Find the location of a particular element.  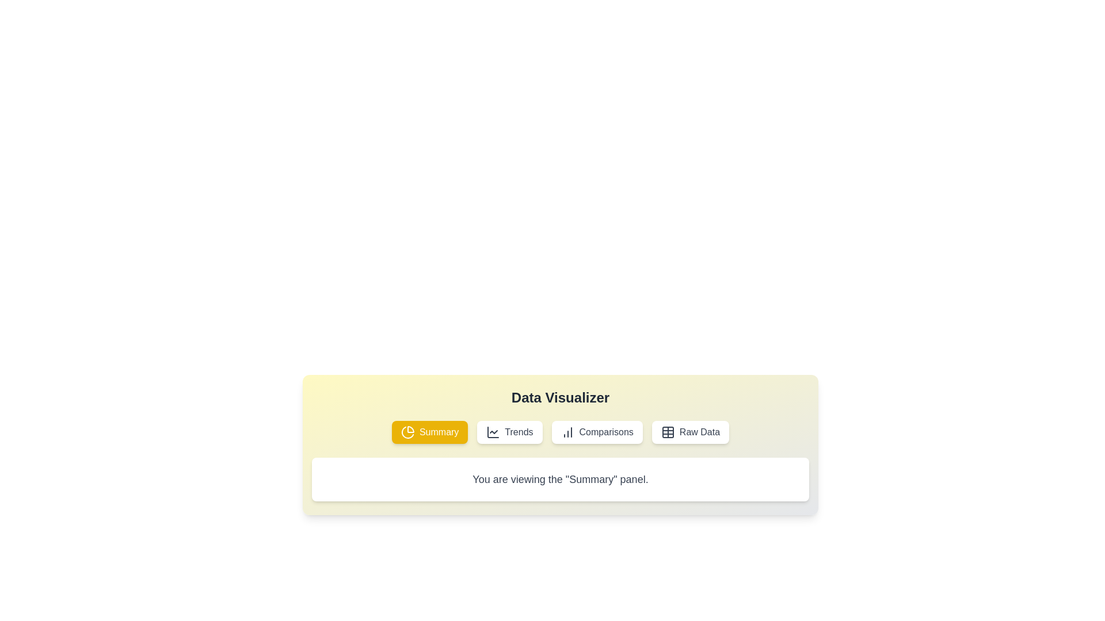

the pie chart icon representing the 'Summary' functionality, located in the top-left corner of the 'Data Visualizer' panel is located at coordinates (407, 432).